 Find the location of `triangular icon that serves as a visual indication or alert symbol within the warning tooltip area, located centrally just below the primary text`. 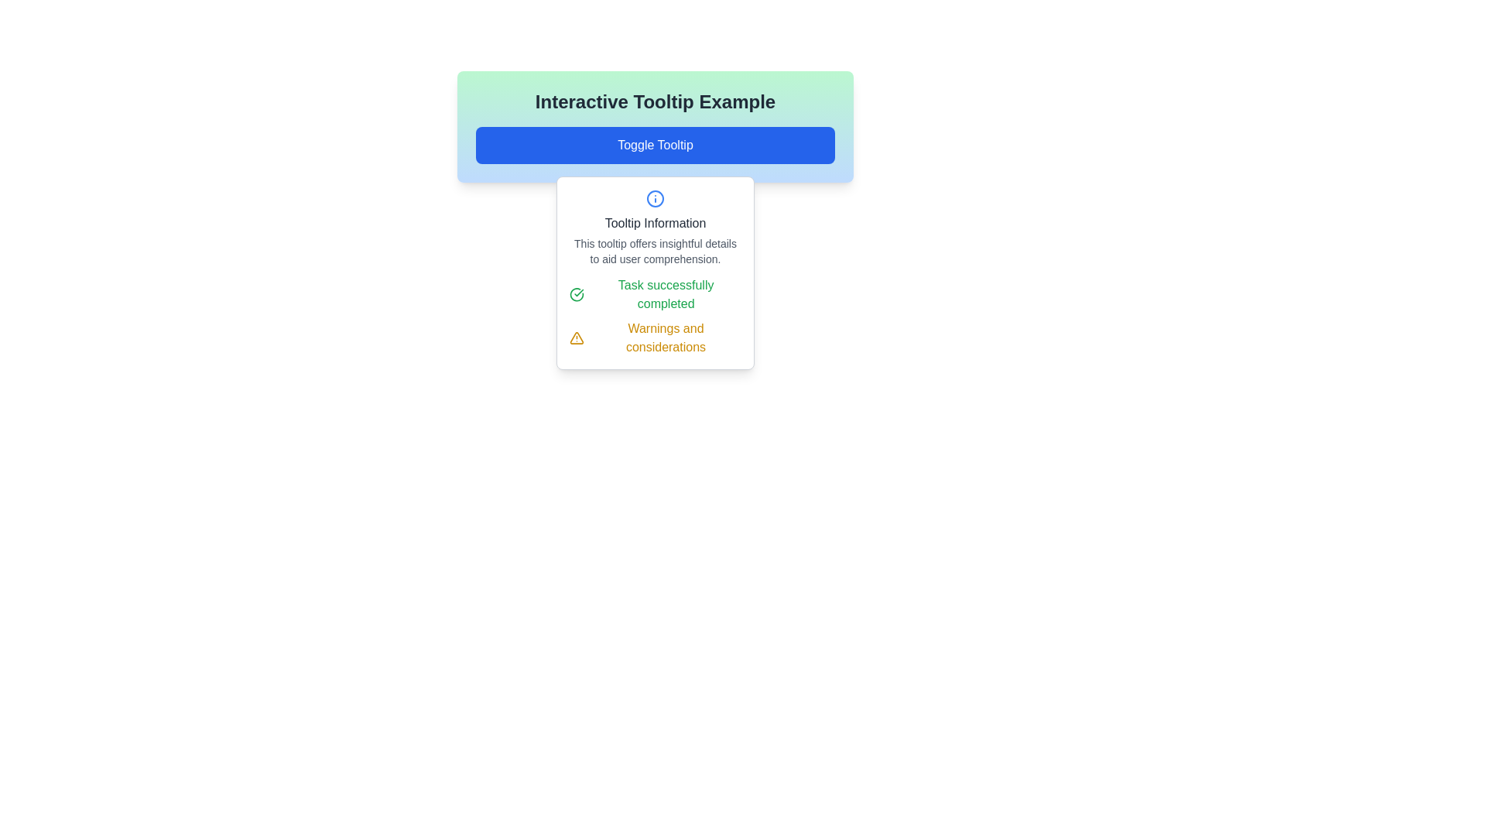

triangular icon that serves as a visual indication or alert symbol within the warning tooltip area, located centrally just below the primary text is located at coordinates (576, 337).